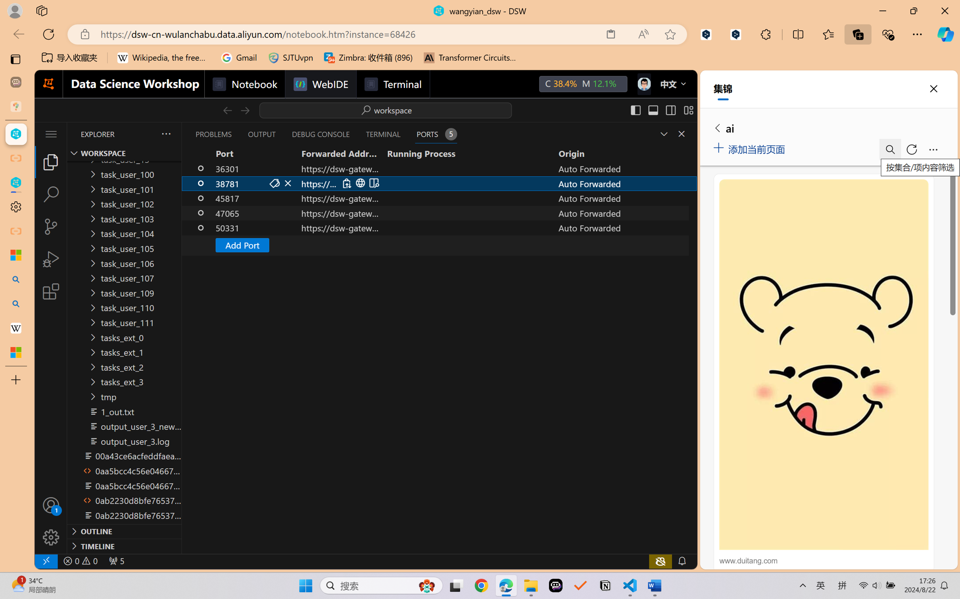 This screenshot has height=599, width=960. Describe the element at coordinates (15, 328) in the screenshot. I see `'Earth - Wikipedia'` at that location.